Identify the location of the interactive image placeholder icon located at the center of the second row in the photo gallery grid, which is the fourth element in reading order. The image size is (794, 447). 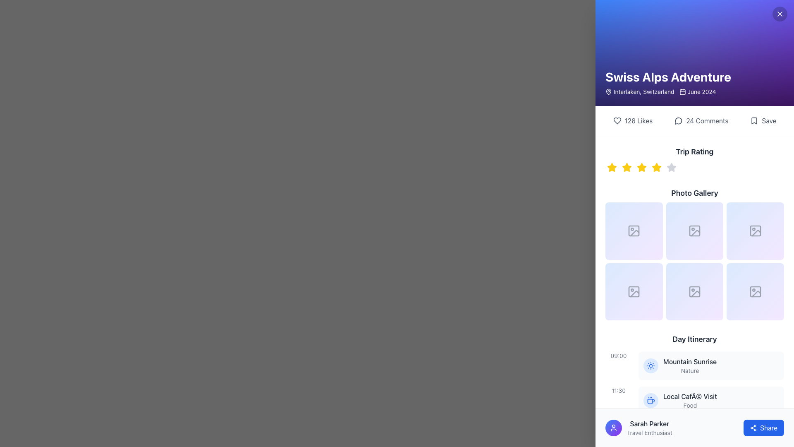
(634, 291).